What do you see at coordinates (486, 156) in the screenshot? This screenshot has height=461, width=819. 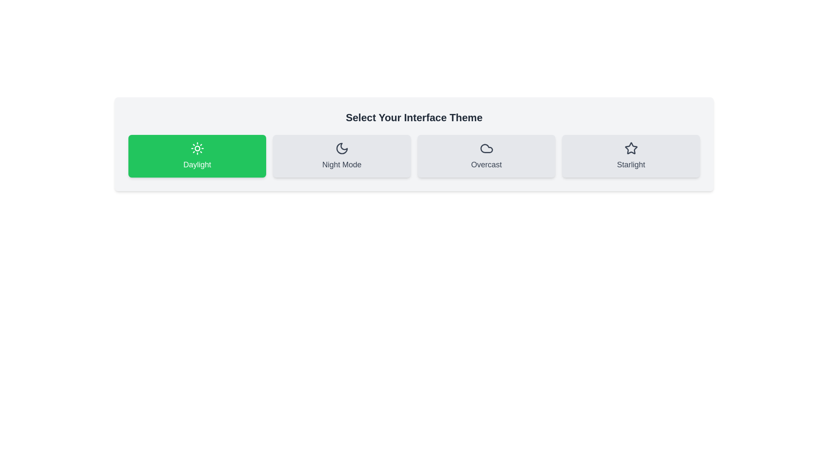 I see `the theme by clicking on the Overcast button` at bounding box center [486, 156].